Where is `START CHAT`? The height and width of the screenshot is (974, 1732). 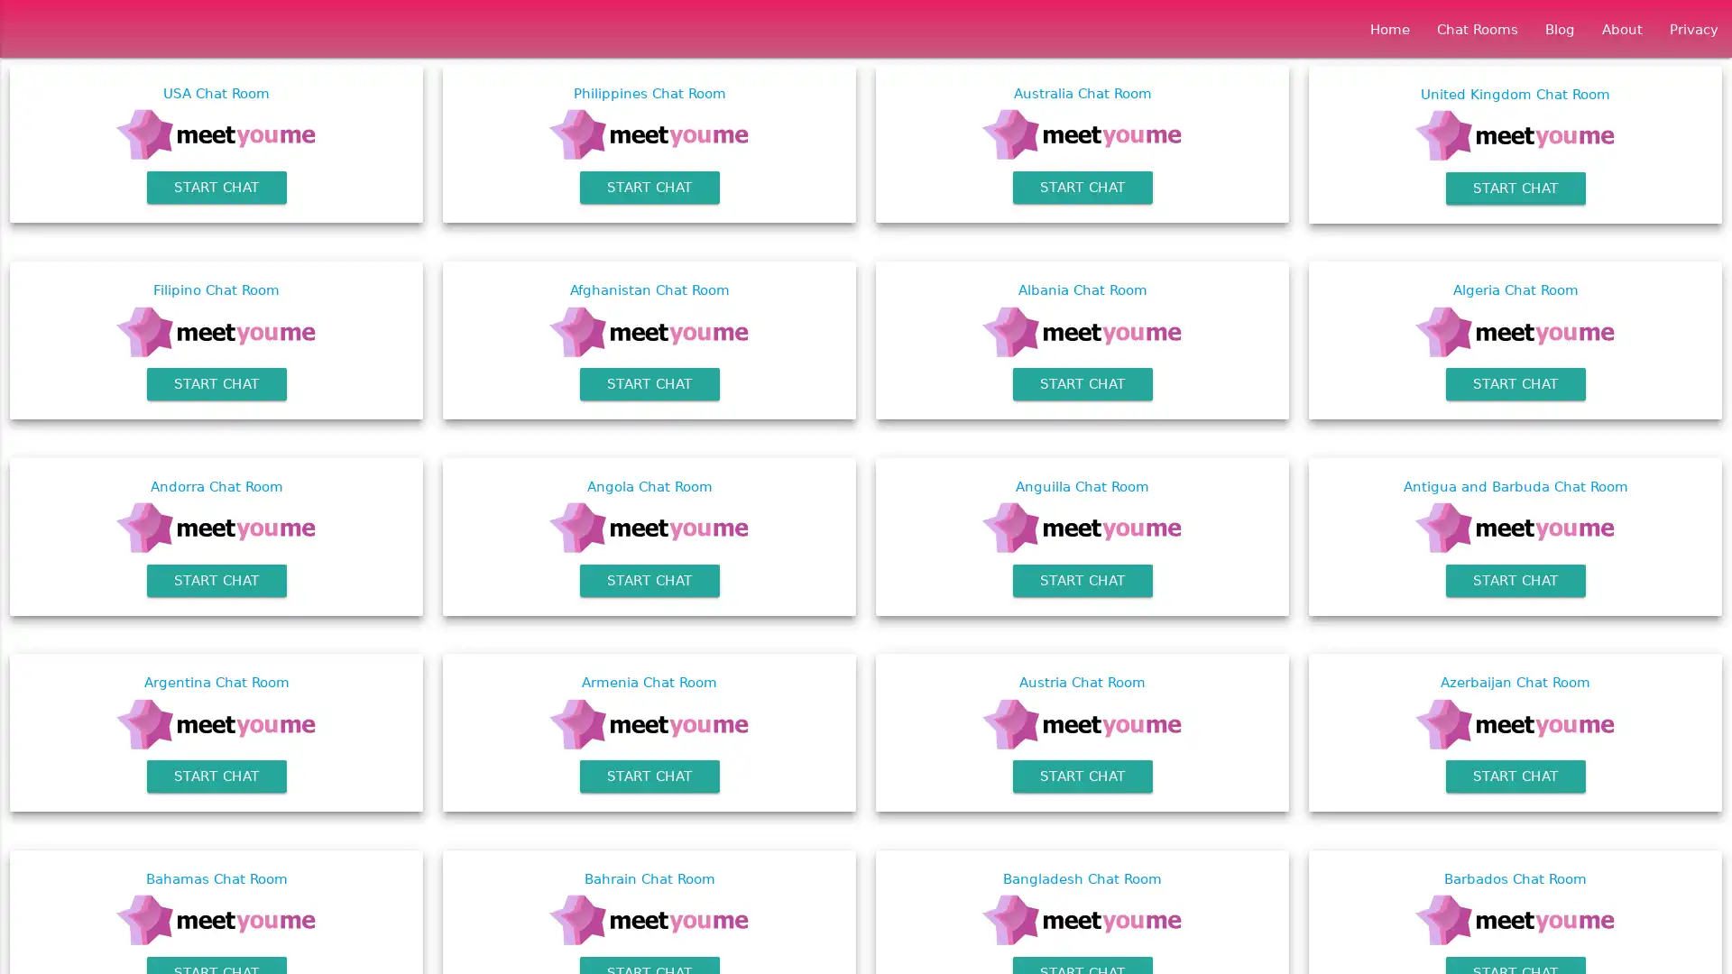
START CHAT is located at coordinates (649, 382).